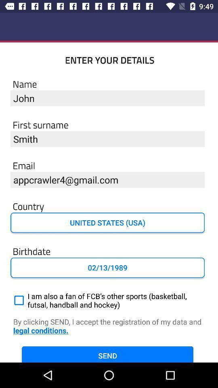 Image resolution: width=218 pixels, height=388 pixels. What do you see at coordinates (107, 98) in the screenshot?
I see `the john` at bounding box center [107, 98].